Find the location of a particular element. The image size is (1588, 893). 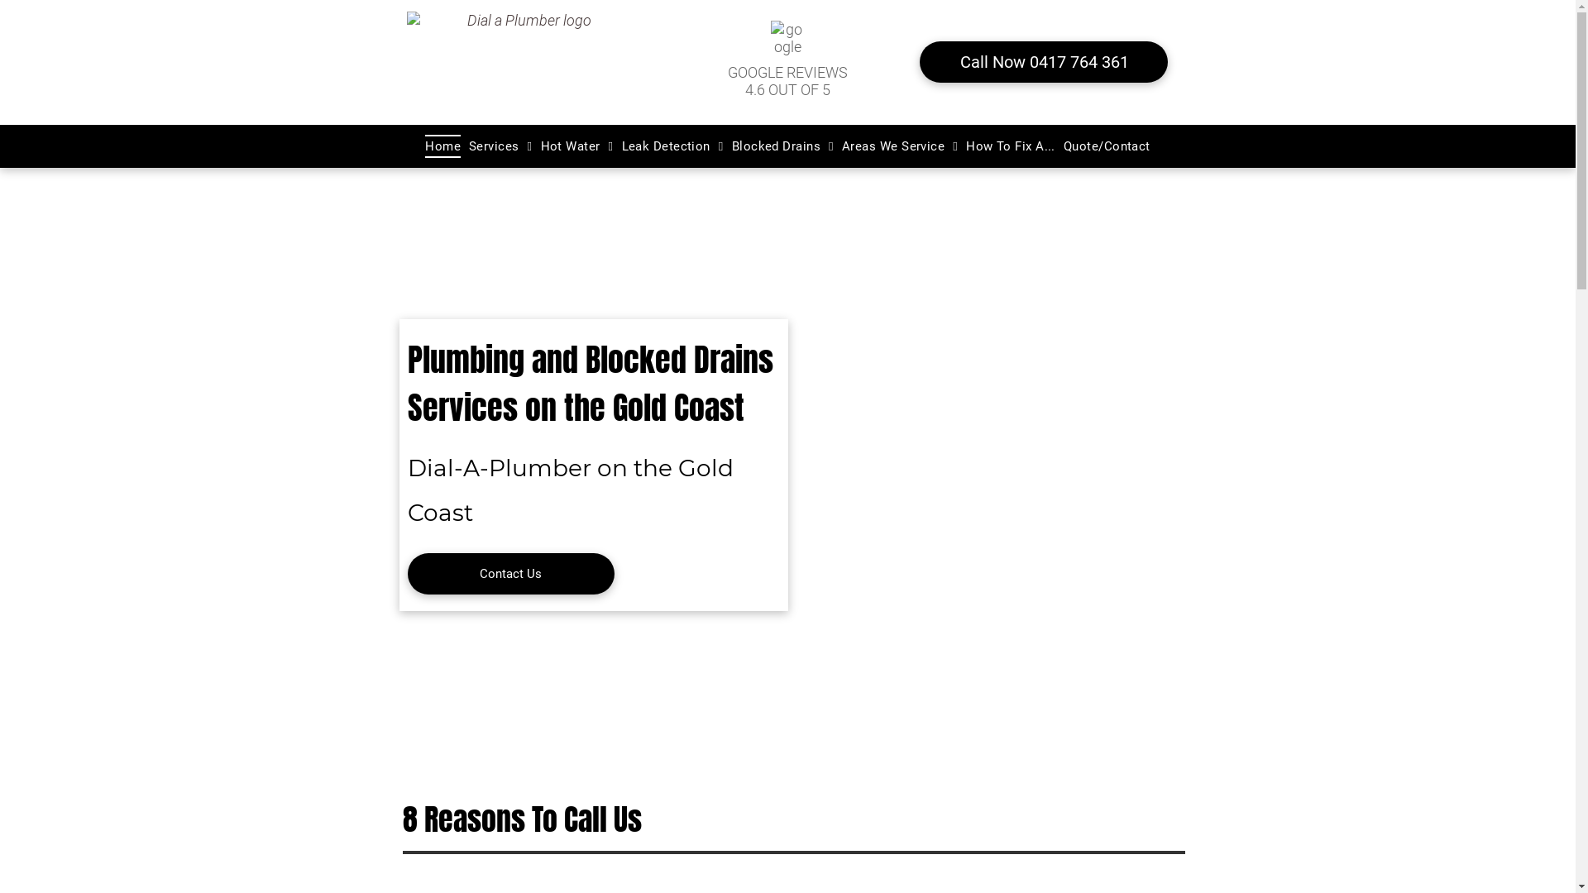

'Contact Us' is located at coordinates (509, 573).